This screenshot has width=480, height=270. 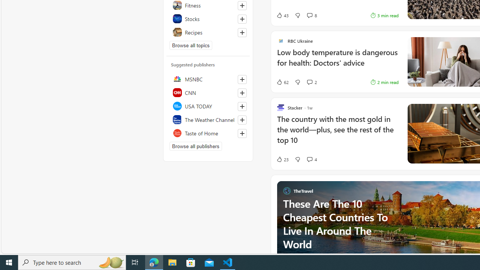 I want to click on 'MSNBC', so click(x=208, y=79).